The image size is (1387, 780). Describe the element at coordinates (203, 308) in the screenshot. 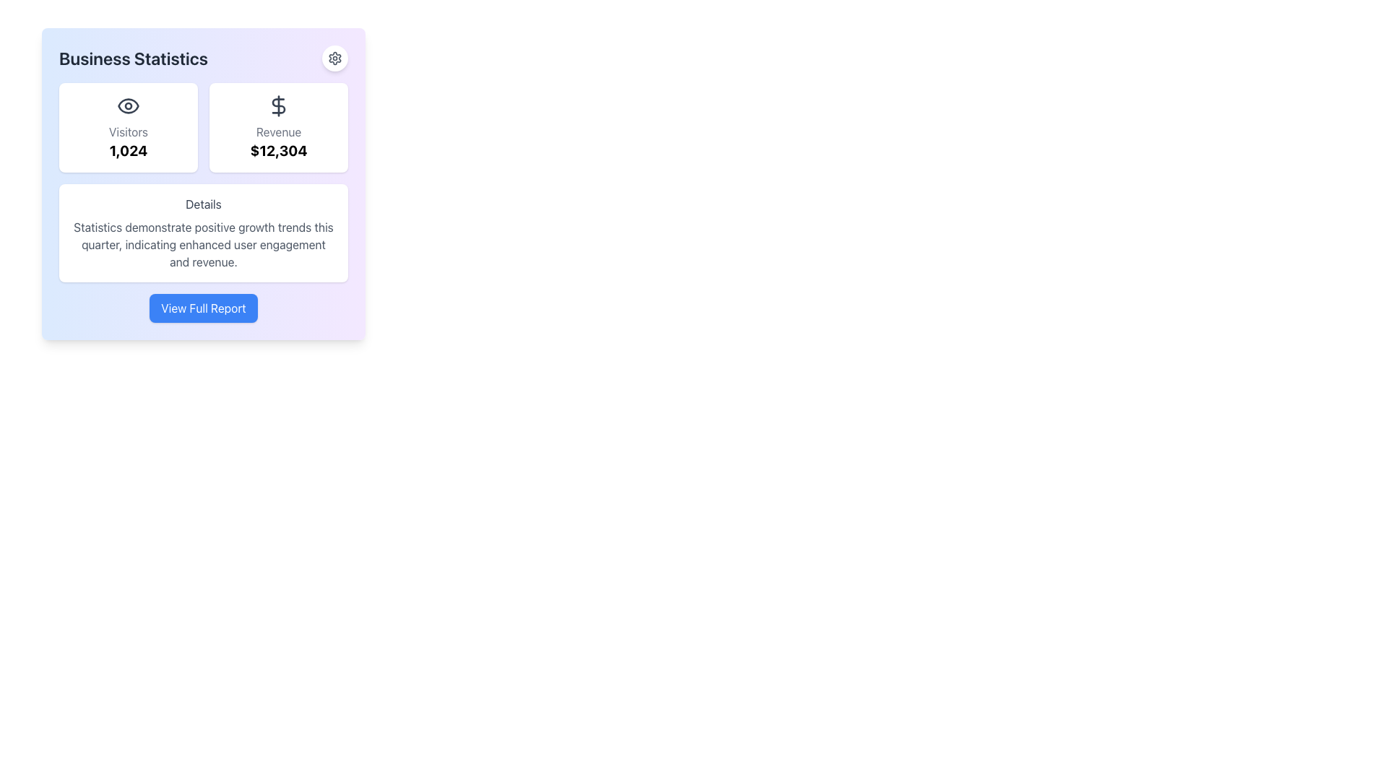

I see `the button located at the bottom of the 'Business Statistics' card to observe visual feedback` at that location.